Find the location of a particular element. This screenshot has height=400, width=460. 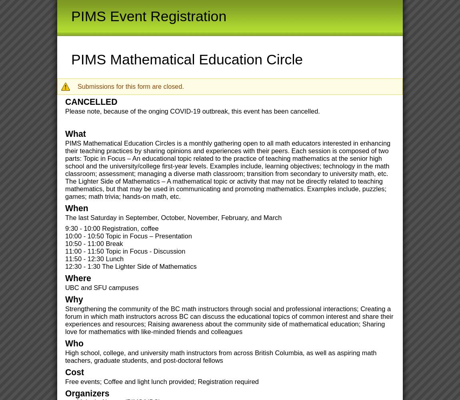

'Please note, because of the onging COVID-19 outbreak, this event has been cancelled.' is located at coordinates (192, 111).